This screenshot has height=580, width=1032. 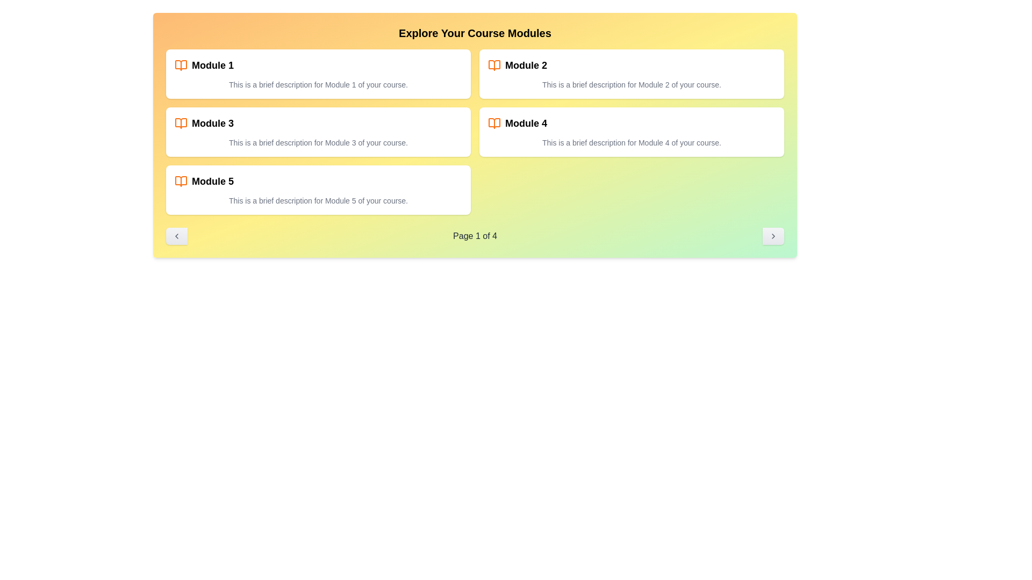 What do you see at coordinates (494, 123) in the screenshot?
I see `the educational icon located in the top right section of the fourth module card` at bounding box center [494, 123].